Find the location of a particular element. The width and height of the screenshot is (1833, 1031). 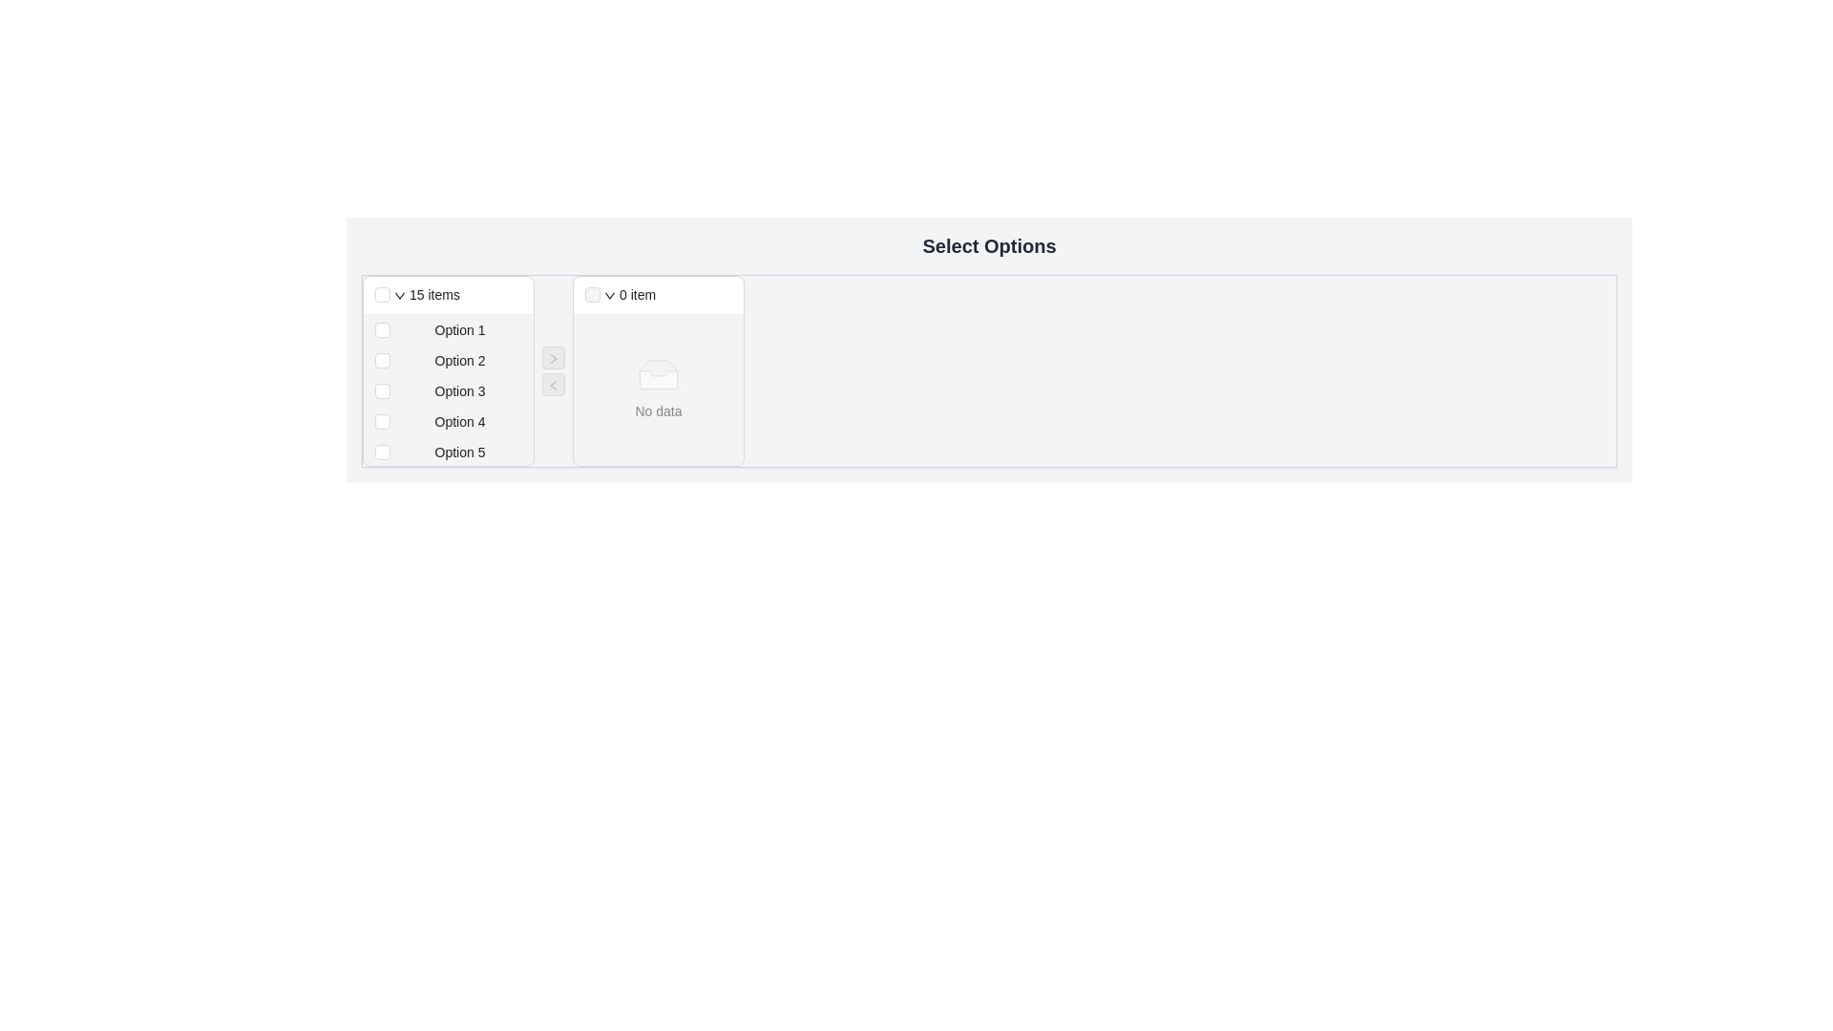

the minimalistic light-themed checkbox located on the left-hand side of the Option 2 row is located at coordinates (382, 361).